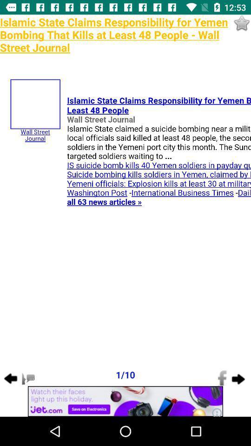 Image resolution: width=251 pixels, height=446 pixels. Describe the element at coordinates (242, 24) in the screenshot. I see `the star icon` at that location.